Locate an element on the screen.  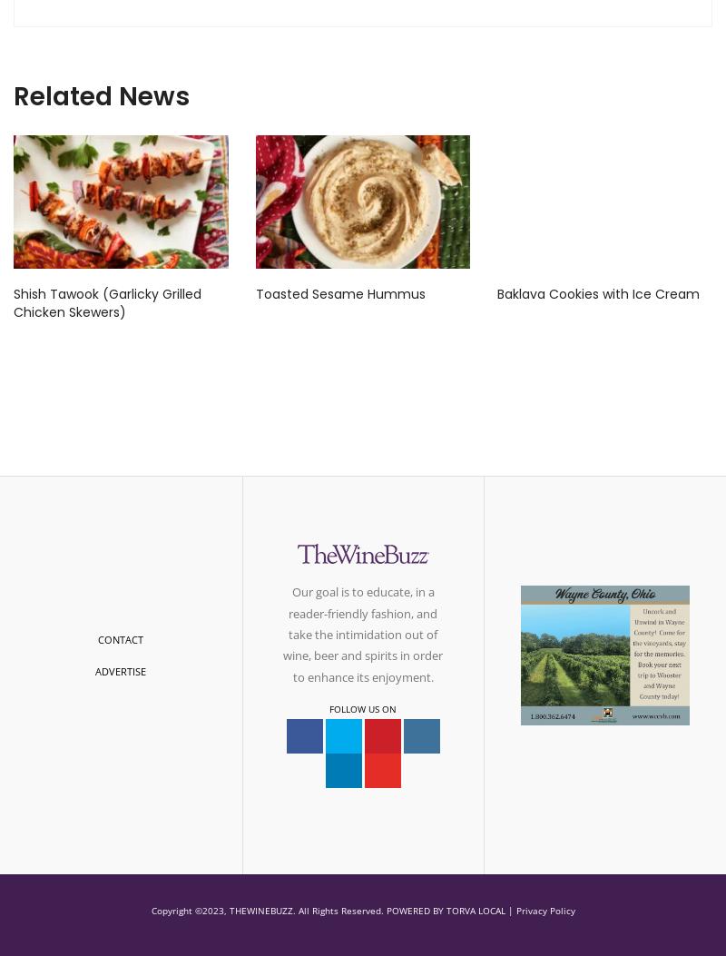
'Copyright ©2023, THEWINEBUZZ. All Rights Reserved. POWERED BY TORVA LOCAL |' is located at coordinates (332, 910).